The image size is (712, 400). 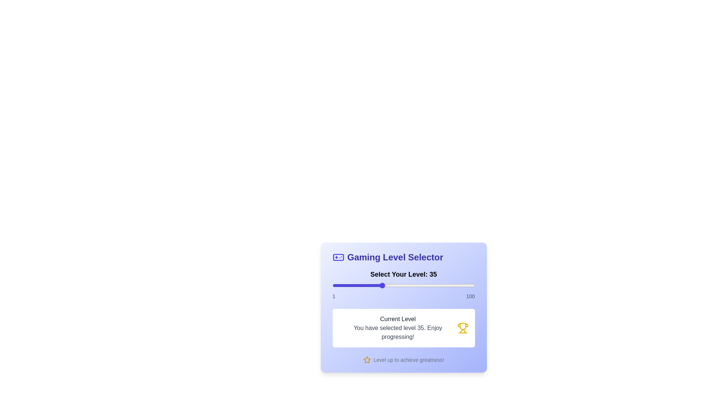 I want to click on the gaming level, so click(x=355, y=285).